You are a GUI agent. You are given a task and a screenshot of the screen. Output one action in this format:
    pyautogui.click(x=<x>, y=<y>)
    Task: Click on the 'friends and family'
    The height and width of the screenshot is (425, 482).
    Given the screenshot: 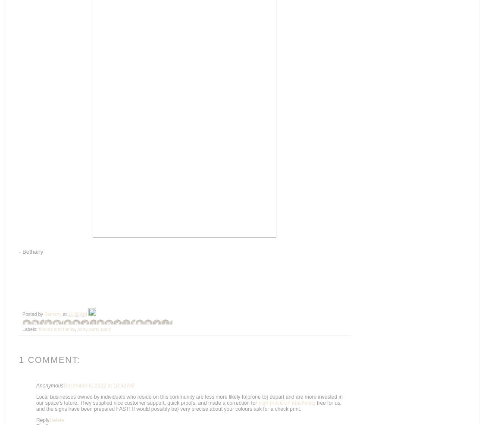 What is the action you would take?
    pyautogui.click(x=56, y=328)
    